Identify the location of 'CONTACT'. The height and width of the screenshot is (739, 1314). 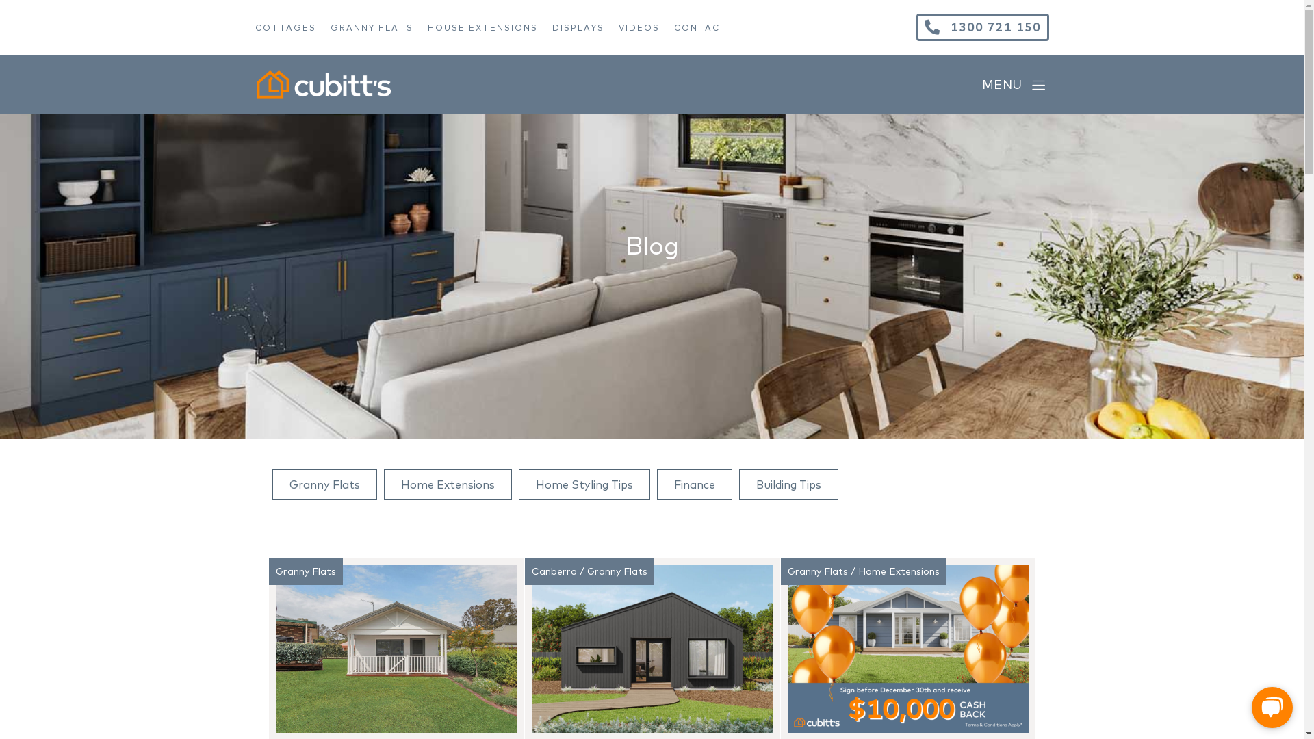
(707, 27).